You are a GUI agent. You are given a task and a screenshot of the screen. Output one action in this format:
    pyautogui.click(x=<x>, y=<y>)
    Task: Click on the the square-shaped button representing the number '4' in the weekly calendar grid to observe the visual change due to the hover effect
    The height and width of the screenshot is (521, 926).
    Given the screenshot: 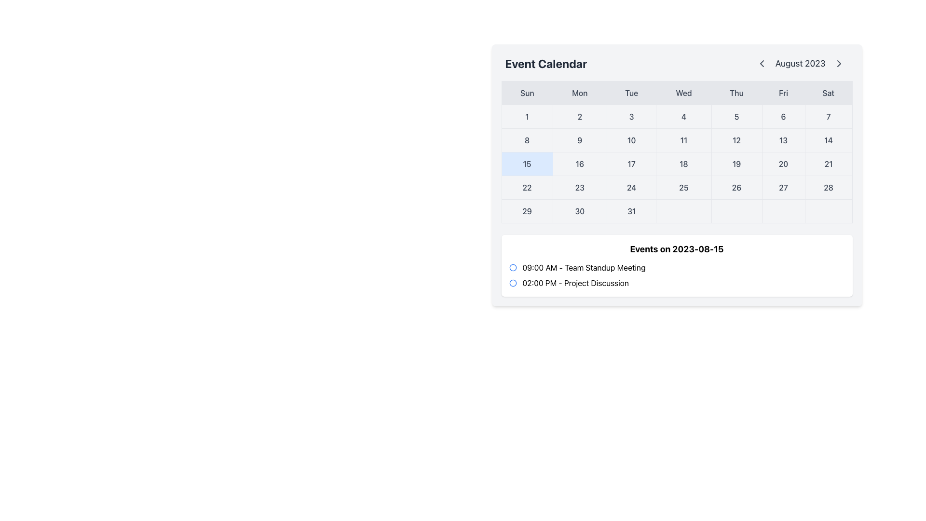 What is the action you would take?
    pyautogui.click(x=683, y=116)
    